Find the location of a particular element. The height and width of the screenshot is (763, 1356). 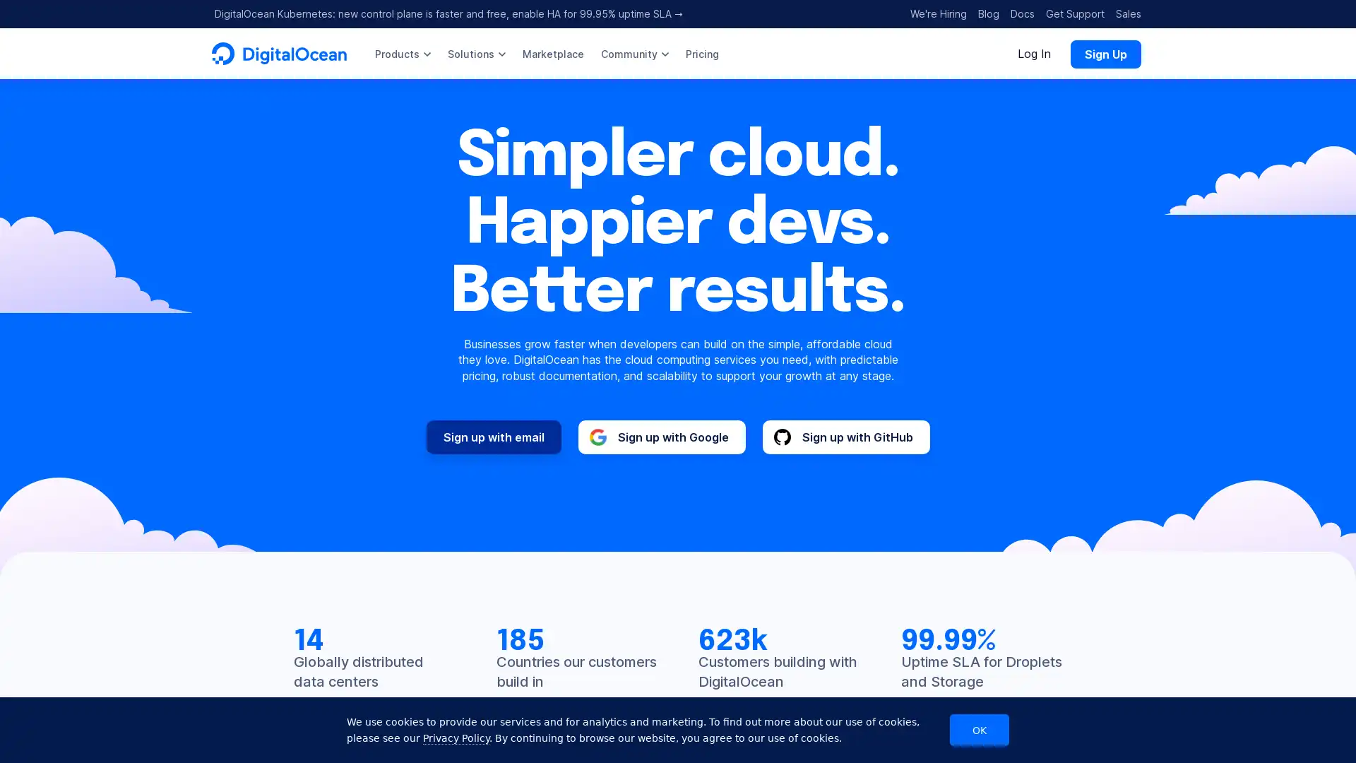

Community is located at coordinates (634, 53).